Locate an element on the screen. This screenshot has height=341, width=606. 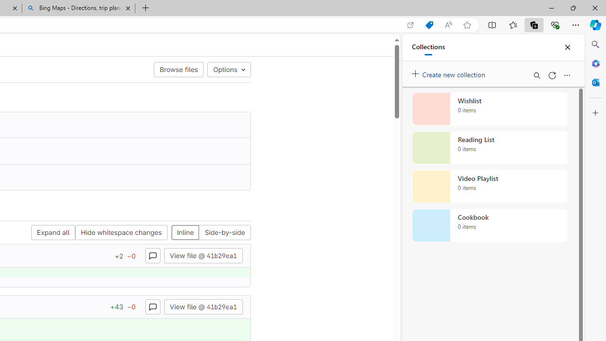
'Wishlist collection, 0 items' is located at coordinates (490, 108).